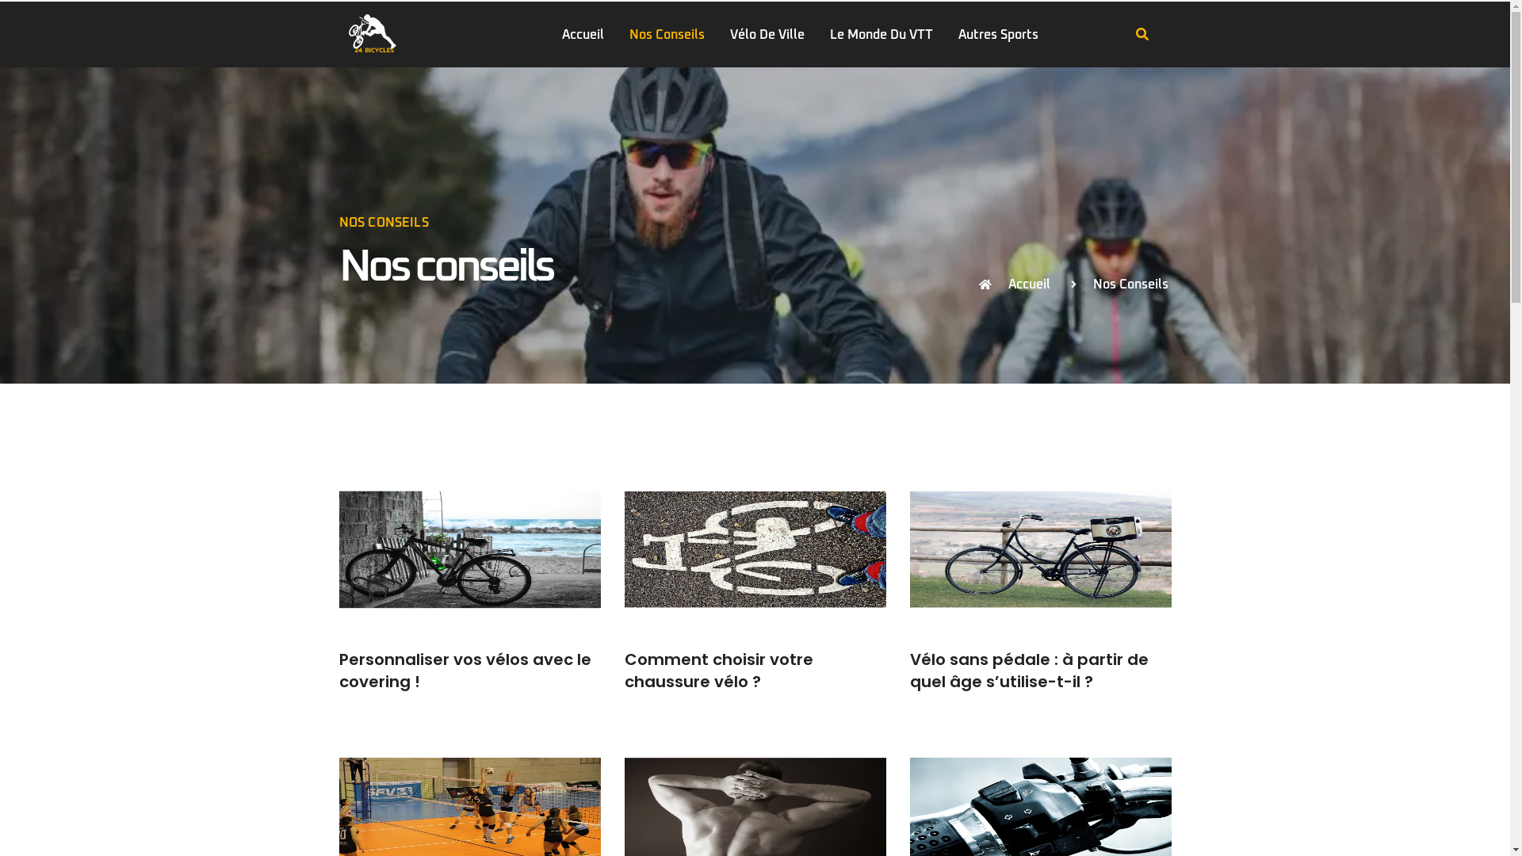  I want to click on 'Le Monde Du VTT', so click(881, 34).